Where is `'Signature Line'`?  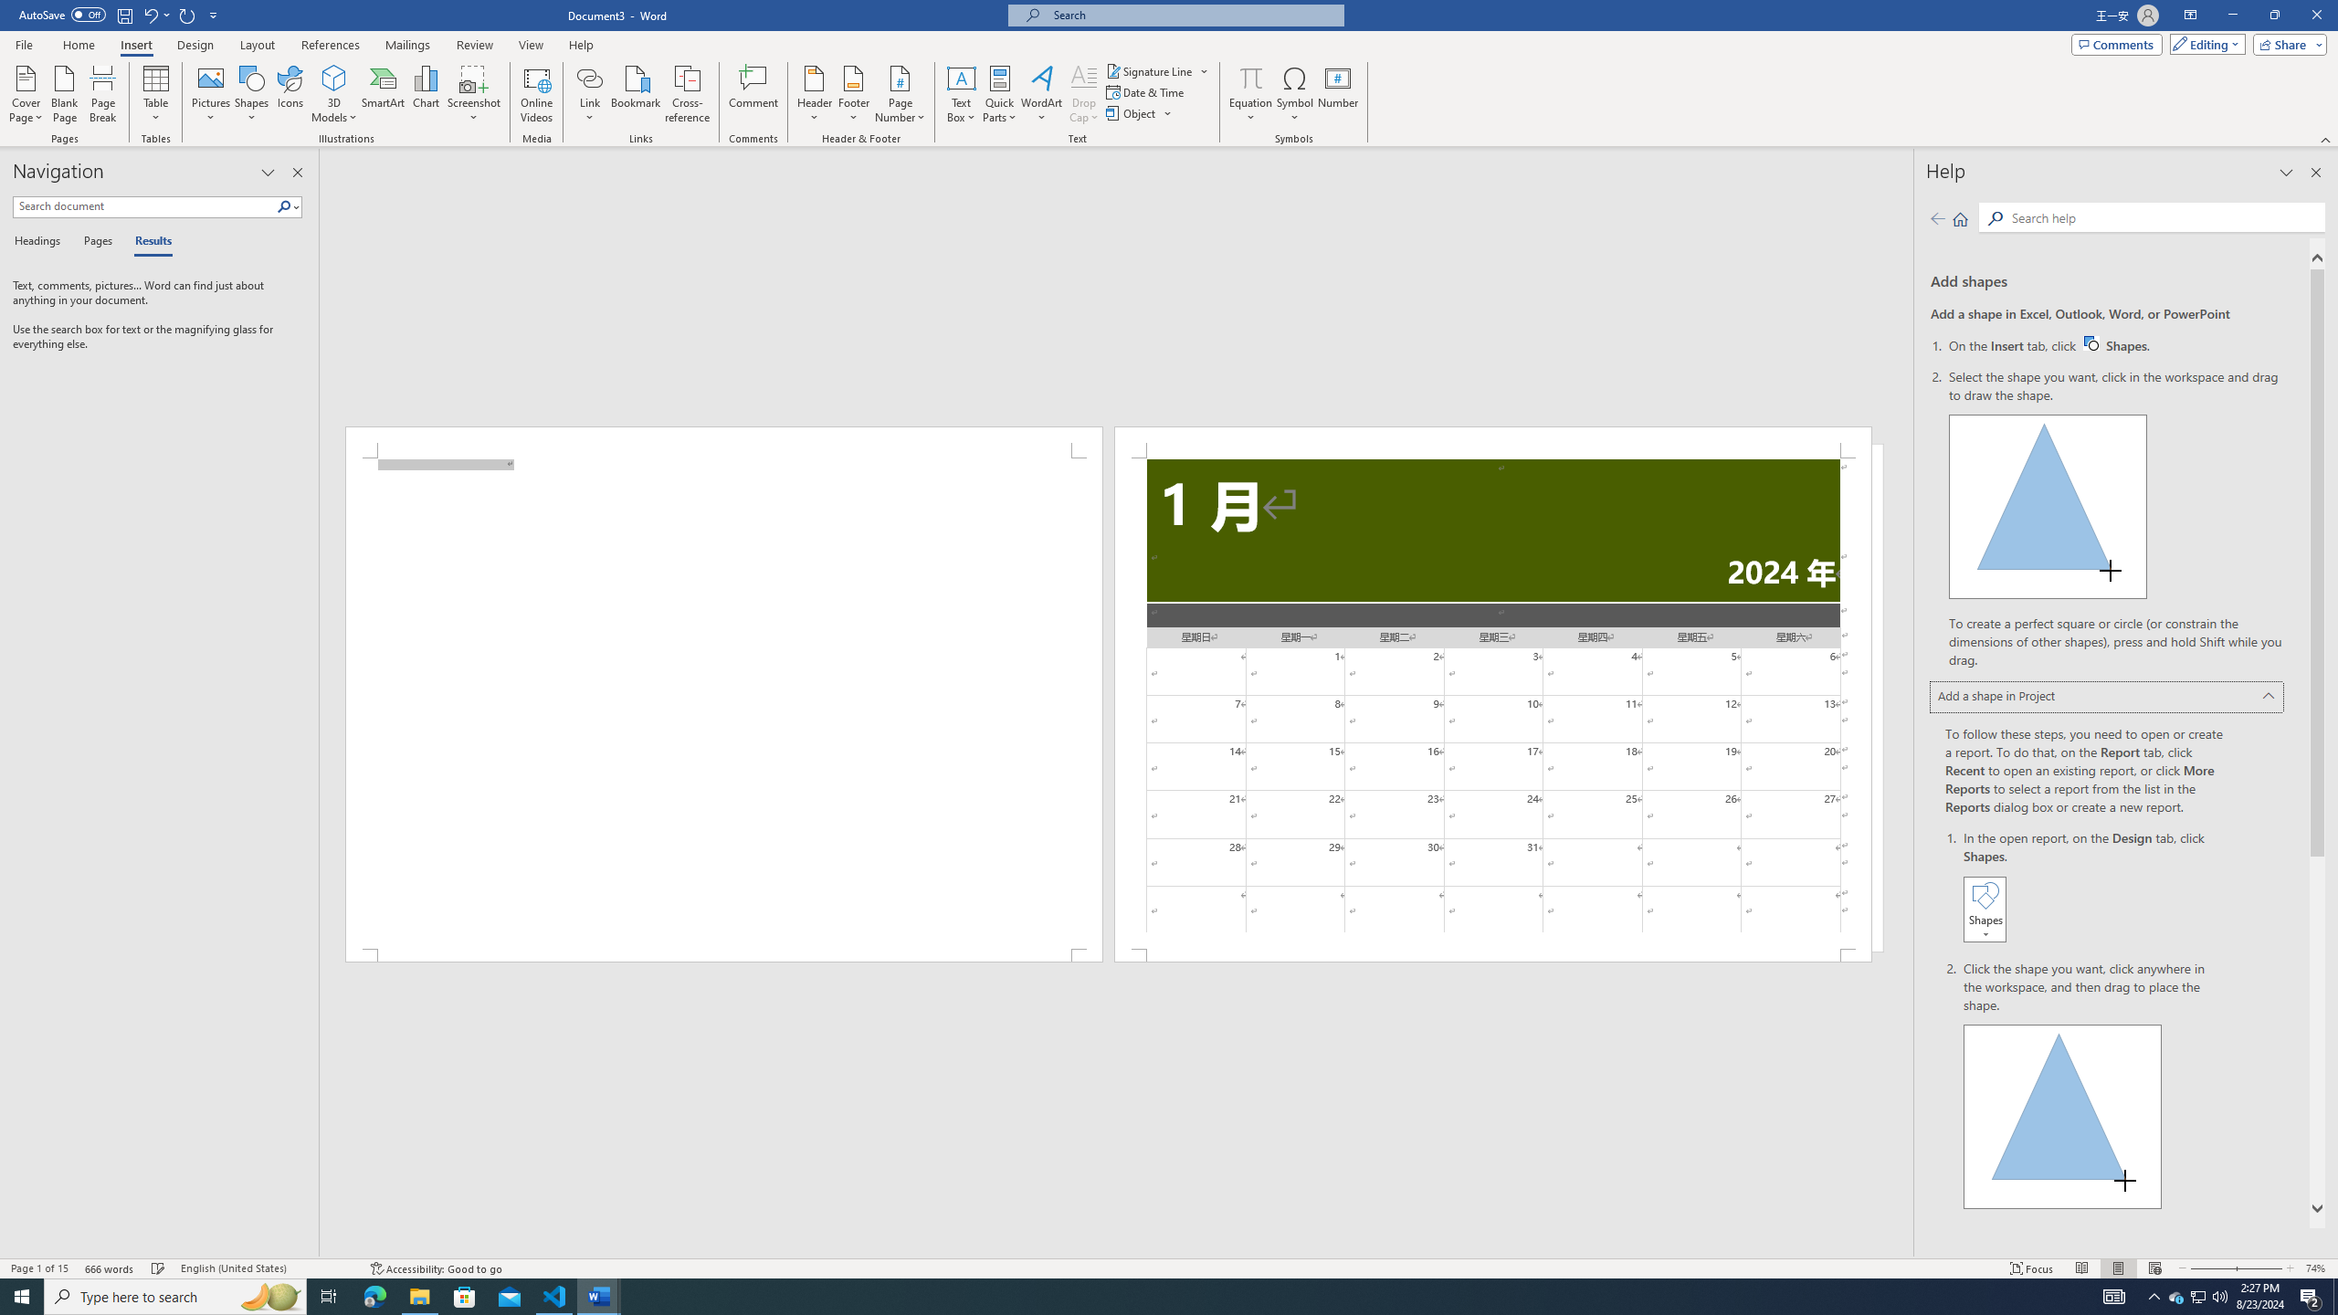
'Signature Line' is located at coordinates (1157, 70).